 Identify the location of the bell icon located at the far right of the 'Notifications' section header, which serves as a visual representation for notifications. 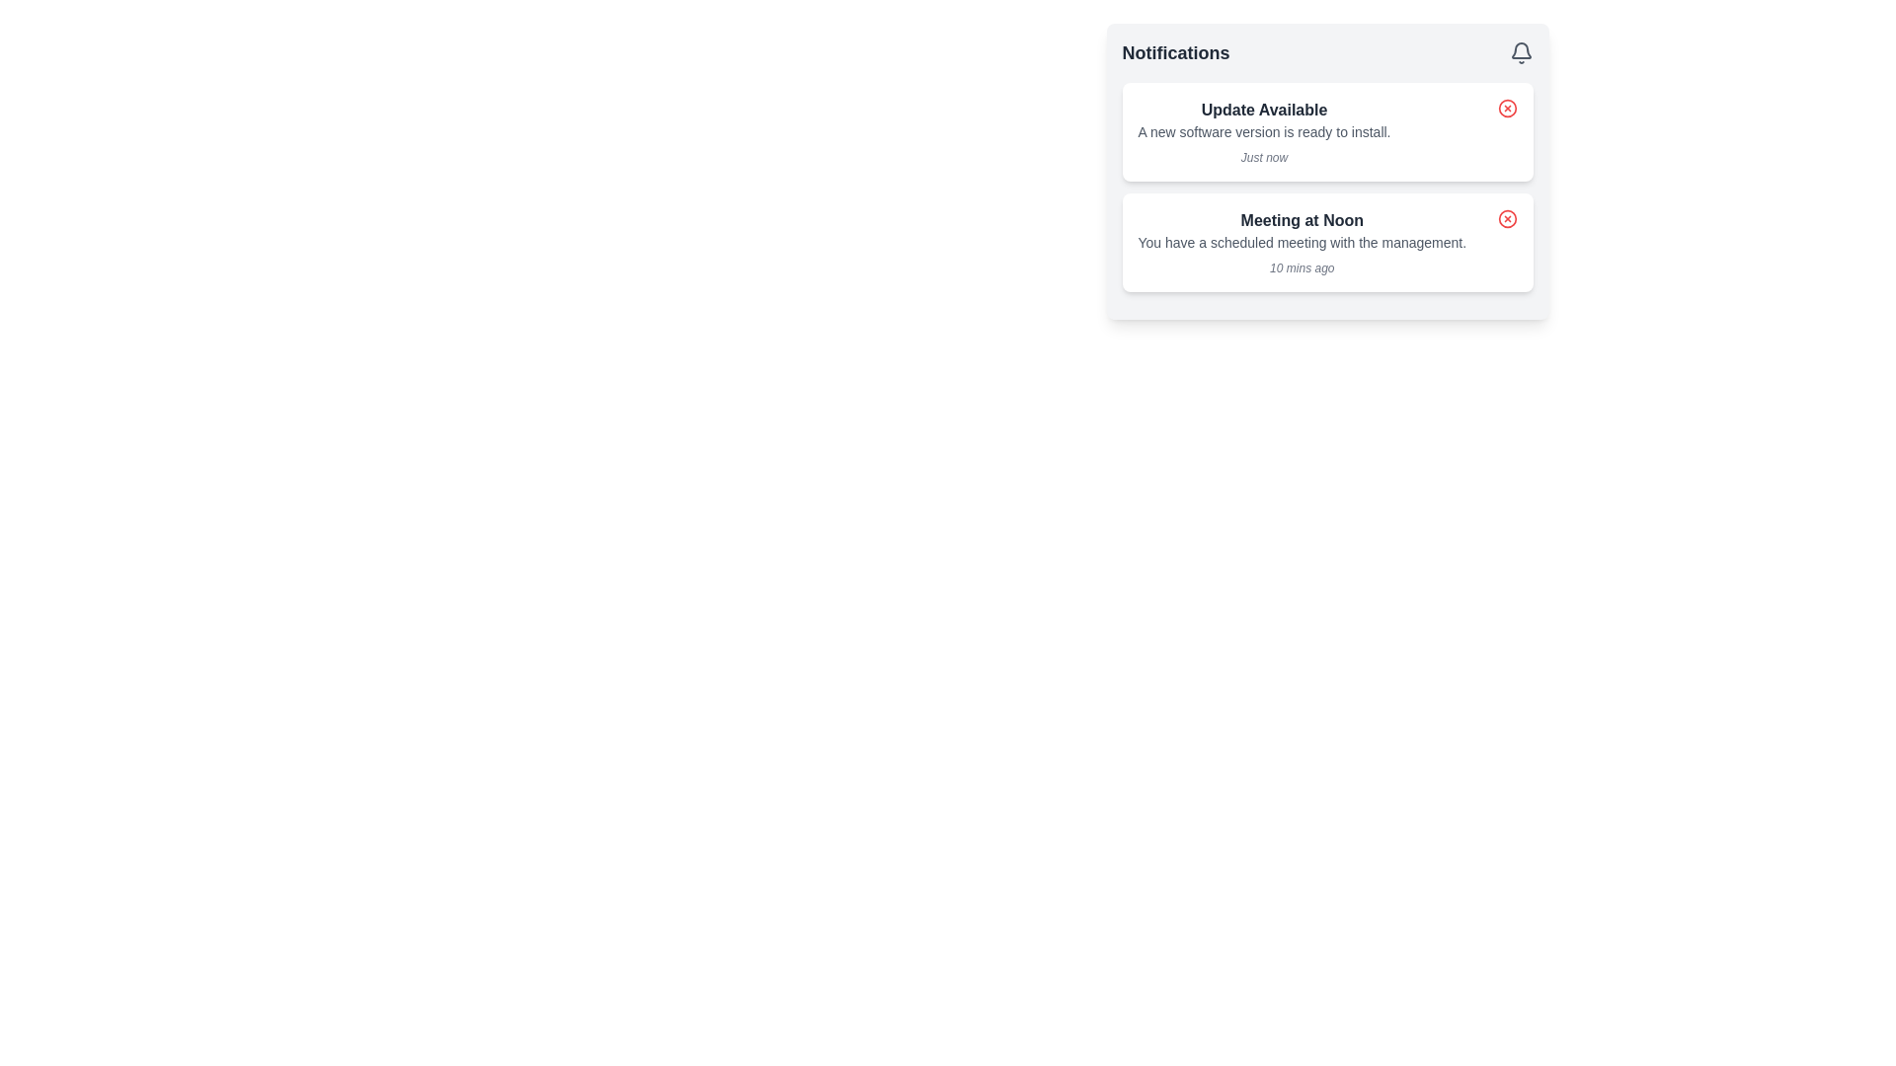
(1520, 52).